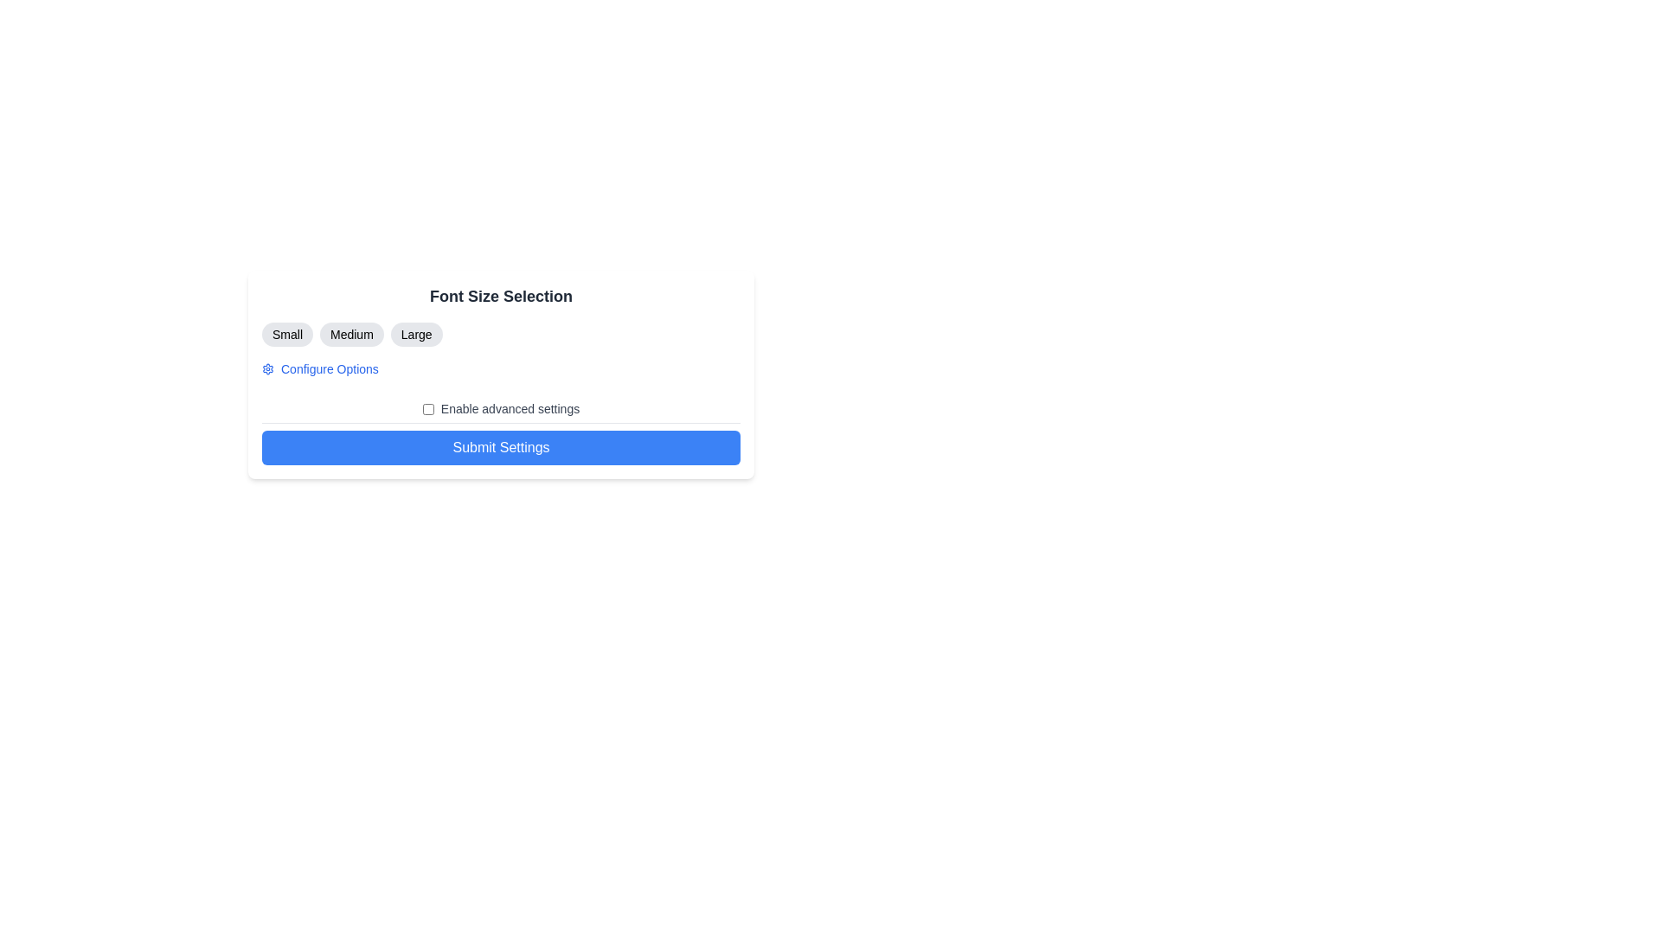 Image resolution: width=1661 pixels, height=934 pixels. I want to click on the blue cogwheel icon adjacent to the 'Configure Options' text label, so click(267, 368).